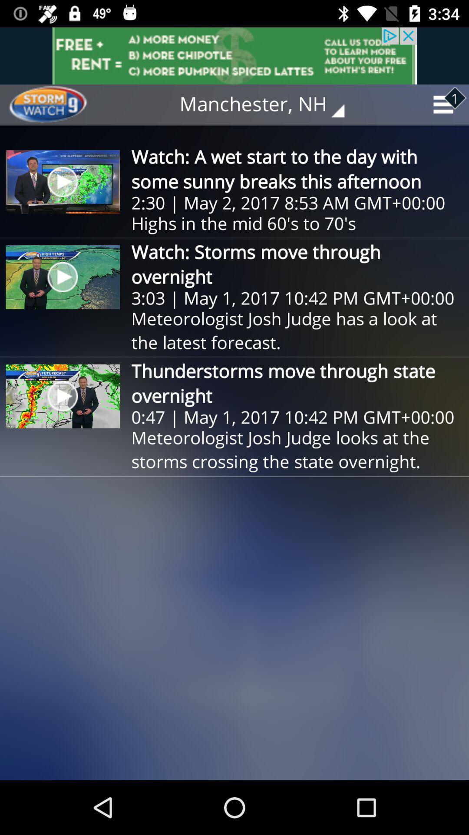 This screenshot has width=469, height=835. What do you see at coordinates (268, 104) in the screenshot?
I see `the manchester, nh` at bounding box center [268, 104].